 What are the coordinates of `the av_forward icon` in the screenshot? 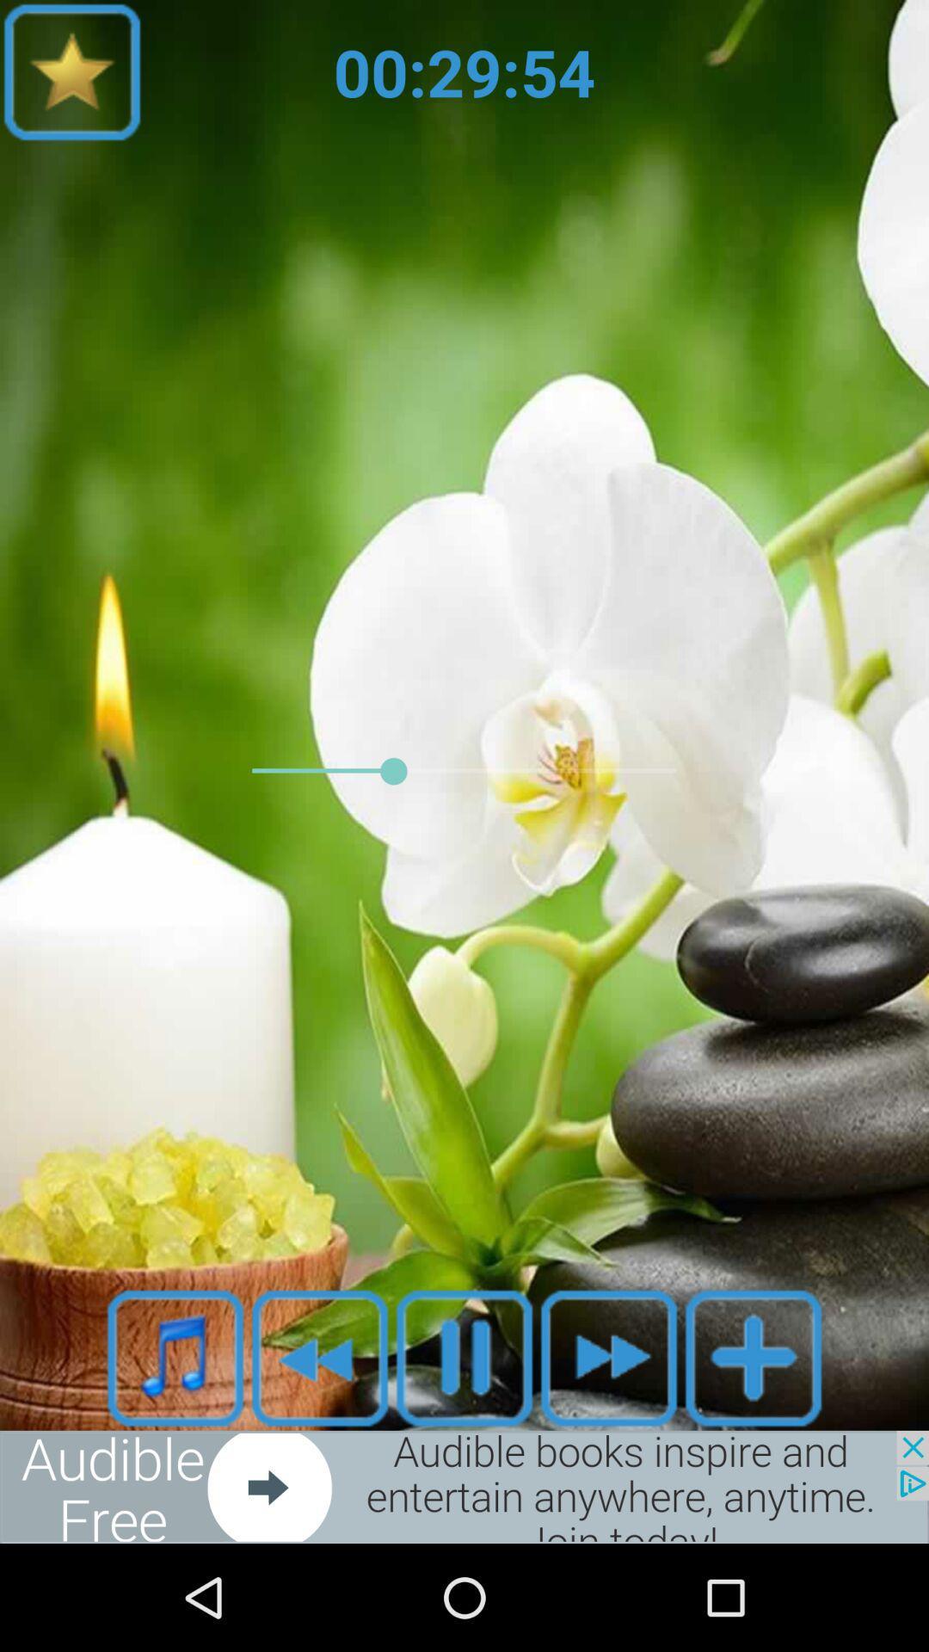 It's located at (608, 1357).